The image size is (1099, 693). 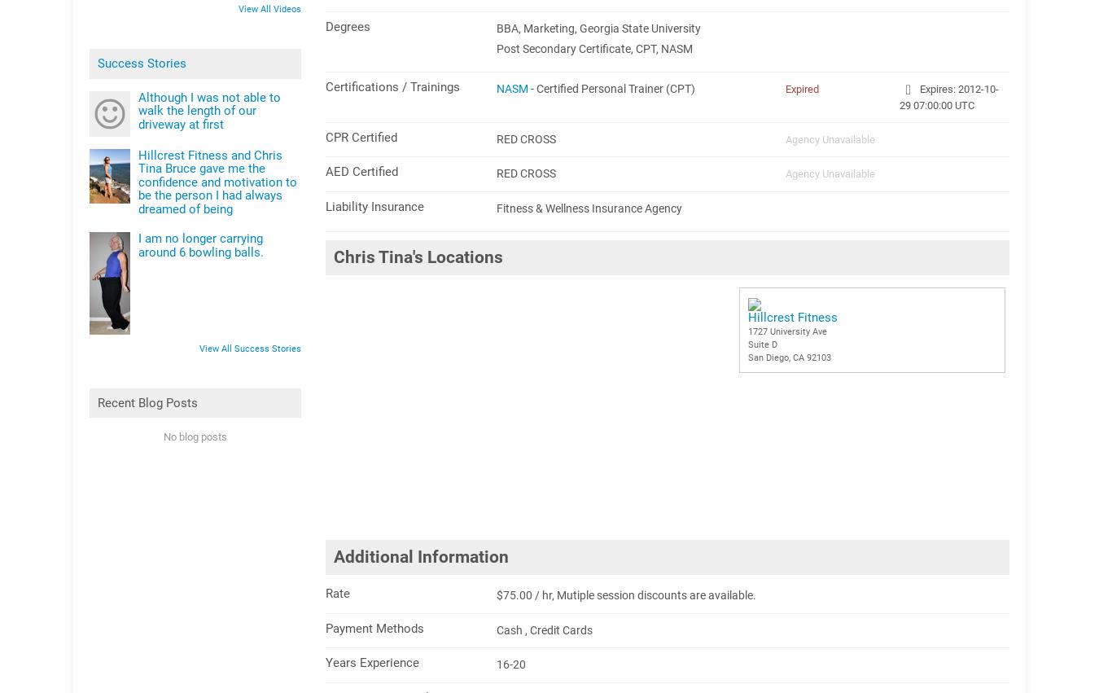 I want to click on 'Hillcrest Fitness', so click(x=790, y=317).